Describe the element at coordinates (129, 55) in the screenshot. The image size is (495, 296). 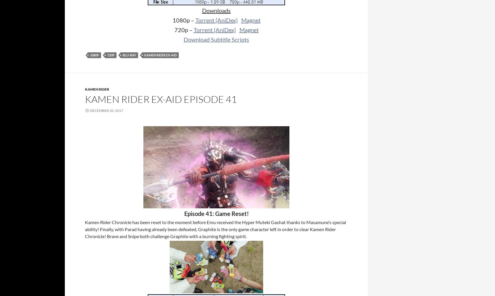
I see `'Blu-ray'` at that location.